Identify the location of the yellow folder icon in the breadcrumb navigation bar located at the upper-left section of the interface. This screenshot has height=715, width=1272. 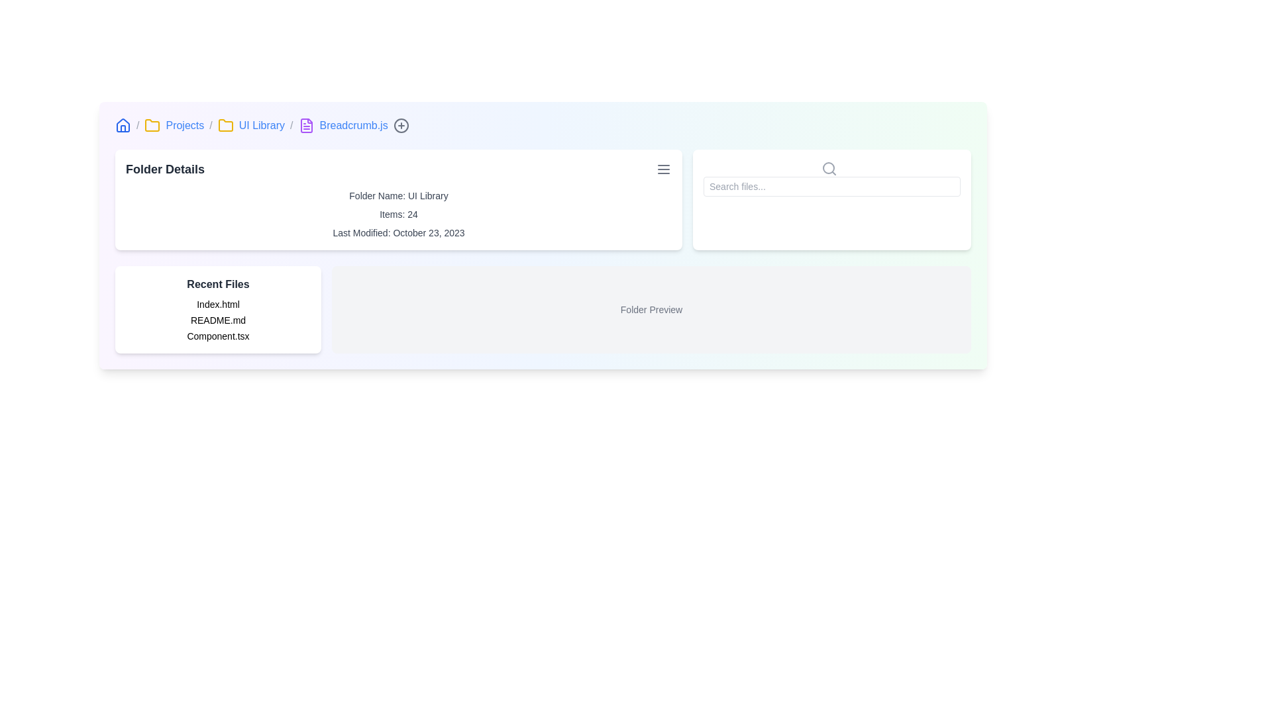
(225, 125).